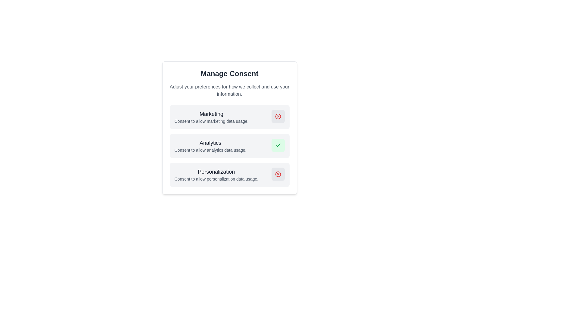 The image size is (578, 325). What do you see at coordinates (211, 117) in the screenshot?
I see `heading 'Marketing' and the description 'Consent to allow marketing data usage.' from the text display element, which is framed within a light gray card at the top of the modal` at bounding box center [211, 117].